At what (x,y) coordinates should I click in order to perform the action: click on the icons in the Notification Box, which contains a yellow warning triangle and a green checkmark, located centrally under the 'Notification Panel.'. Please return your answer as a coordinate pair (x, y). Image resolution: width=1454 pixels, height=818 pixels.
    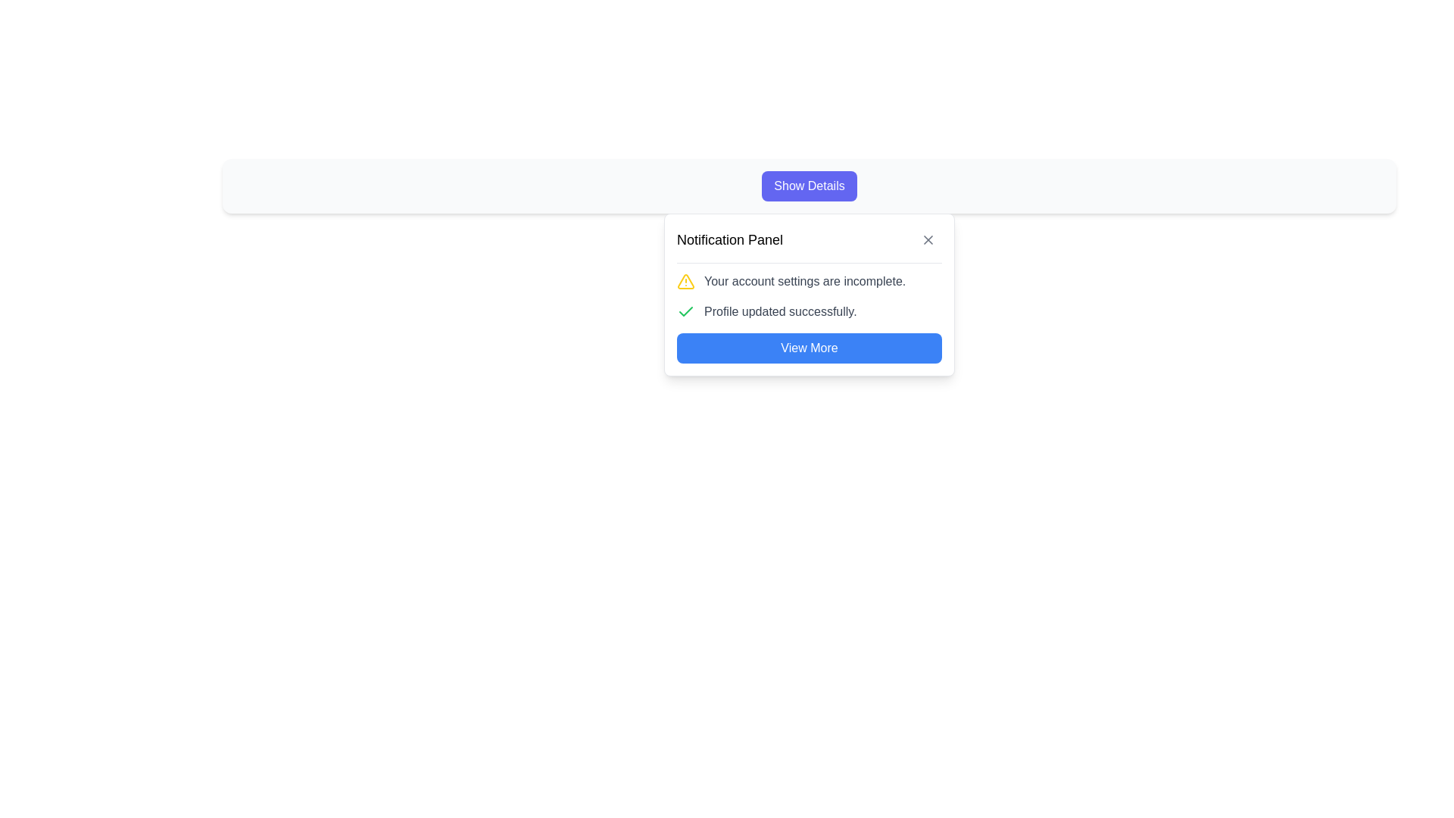
    Looking at the image, I should click on (809, 297).